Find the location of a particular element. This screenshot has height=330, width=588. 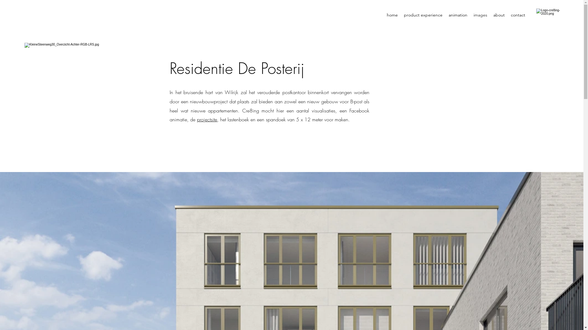

'product experience' is located at coordinates (423, 15).